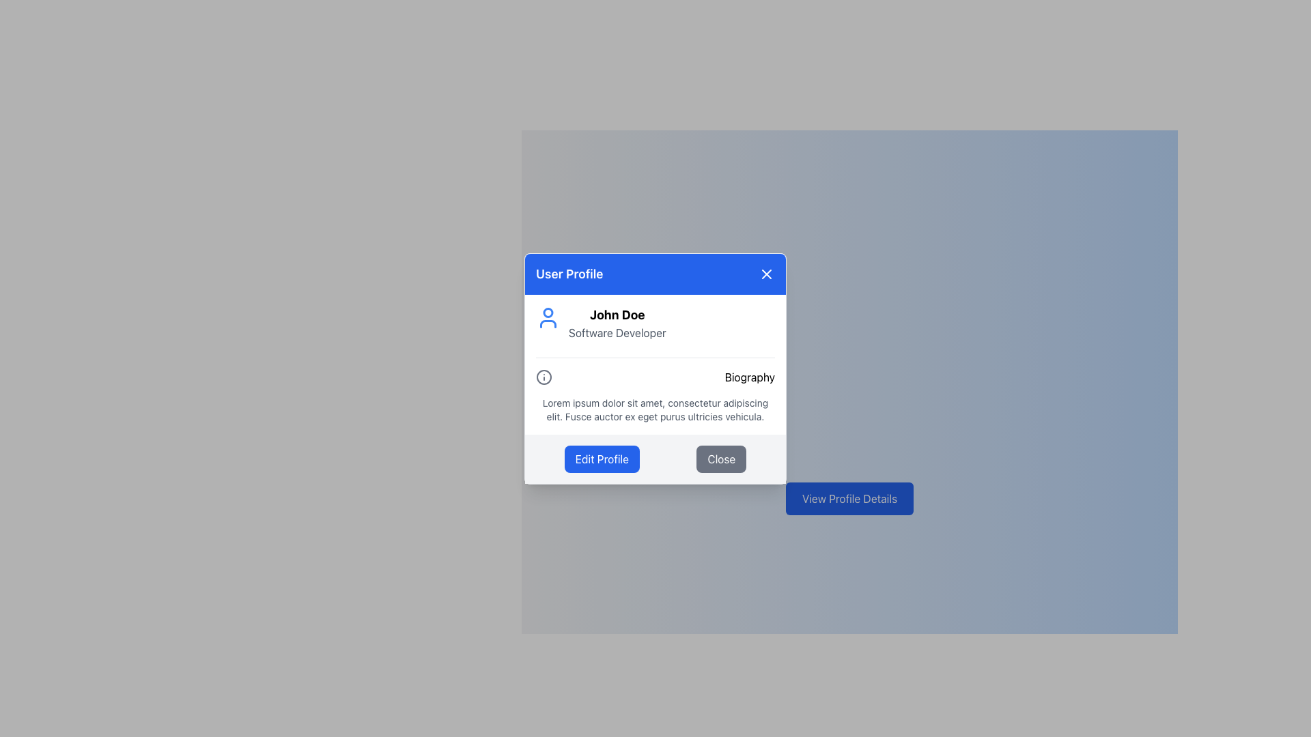  What do you see at coordinates (767, 274) in the screenshot?
I see `the 'X' icon in the top-right corner of the 'User Profile' card` at bounding box center [767, 274].